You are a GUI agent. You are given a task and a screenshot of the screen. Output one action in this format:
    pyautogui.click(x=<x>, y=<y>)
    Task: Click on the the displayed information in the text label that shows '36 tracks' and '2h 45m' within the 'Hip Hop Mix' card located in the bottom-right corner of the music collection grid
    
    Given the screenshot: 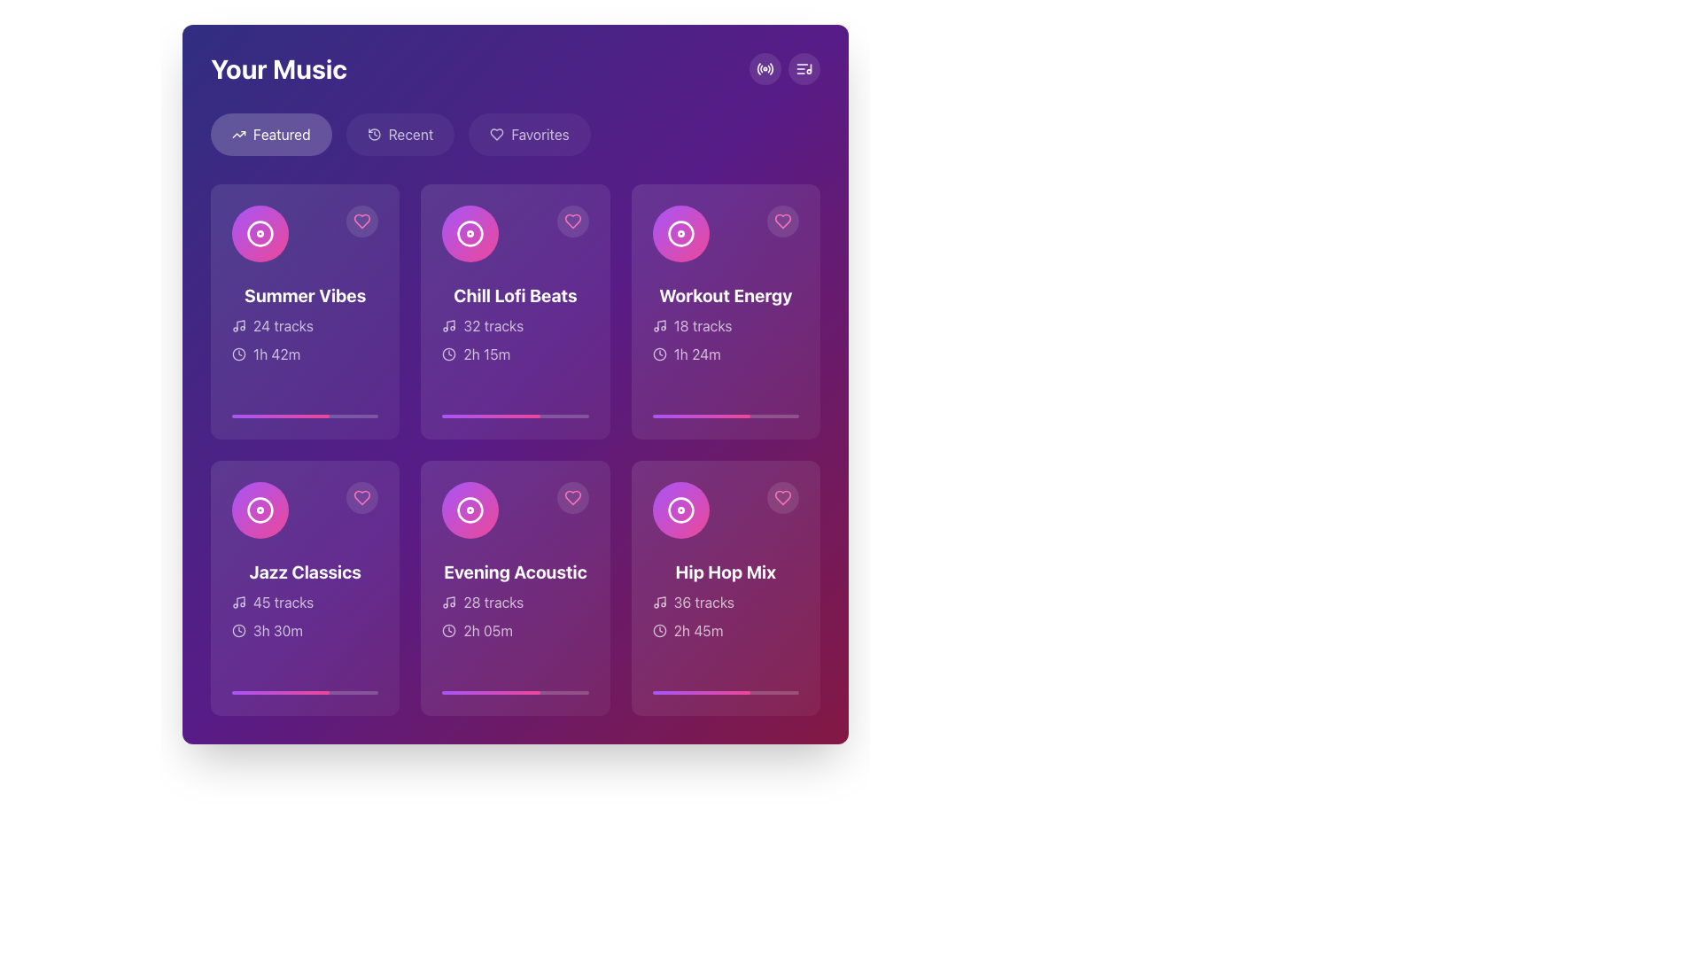 What is the action you would take?
    pyautogui.click(x=726, y=615)
    